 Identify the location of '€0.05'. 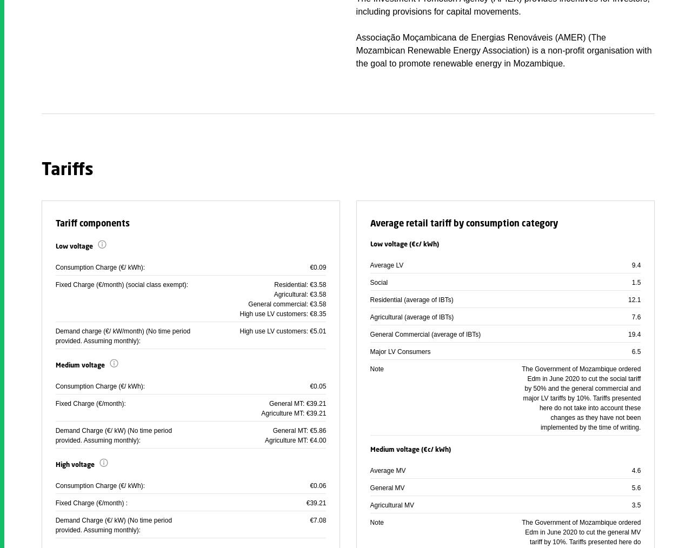
(317, 385).